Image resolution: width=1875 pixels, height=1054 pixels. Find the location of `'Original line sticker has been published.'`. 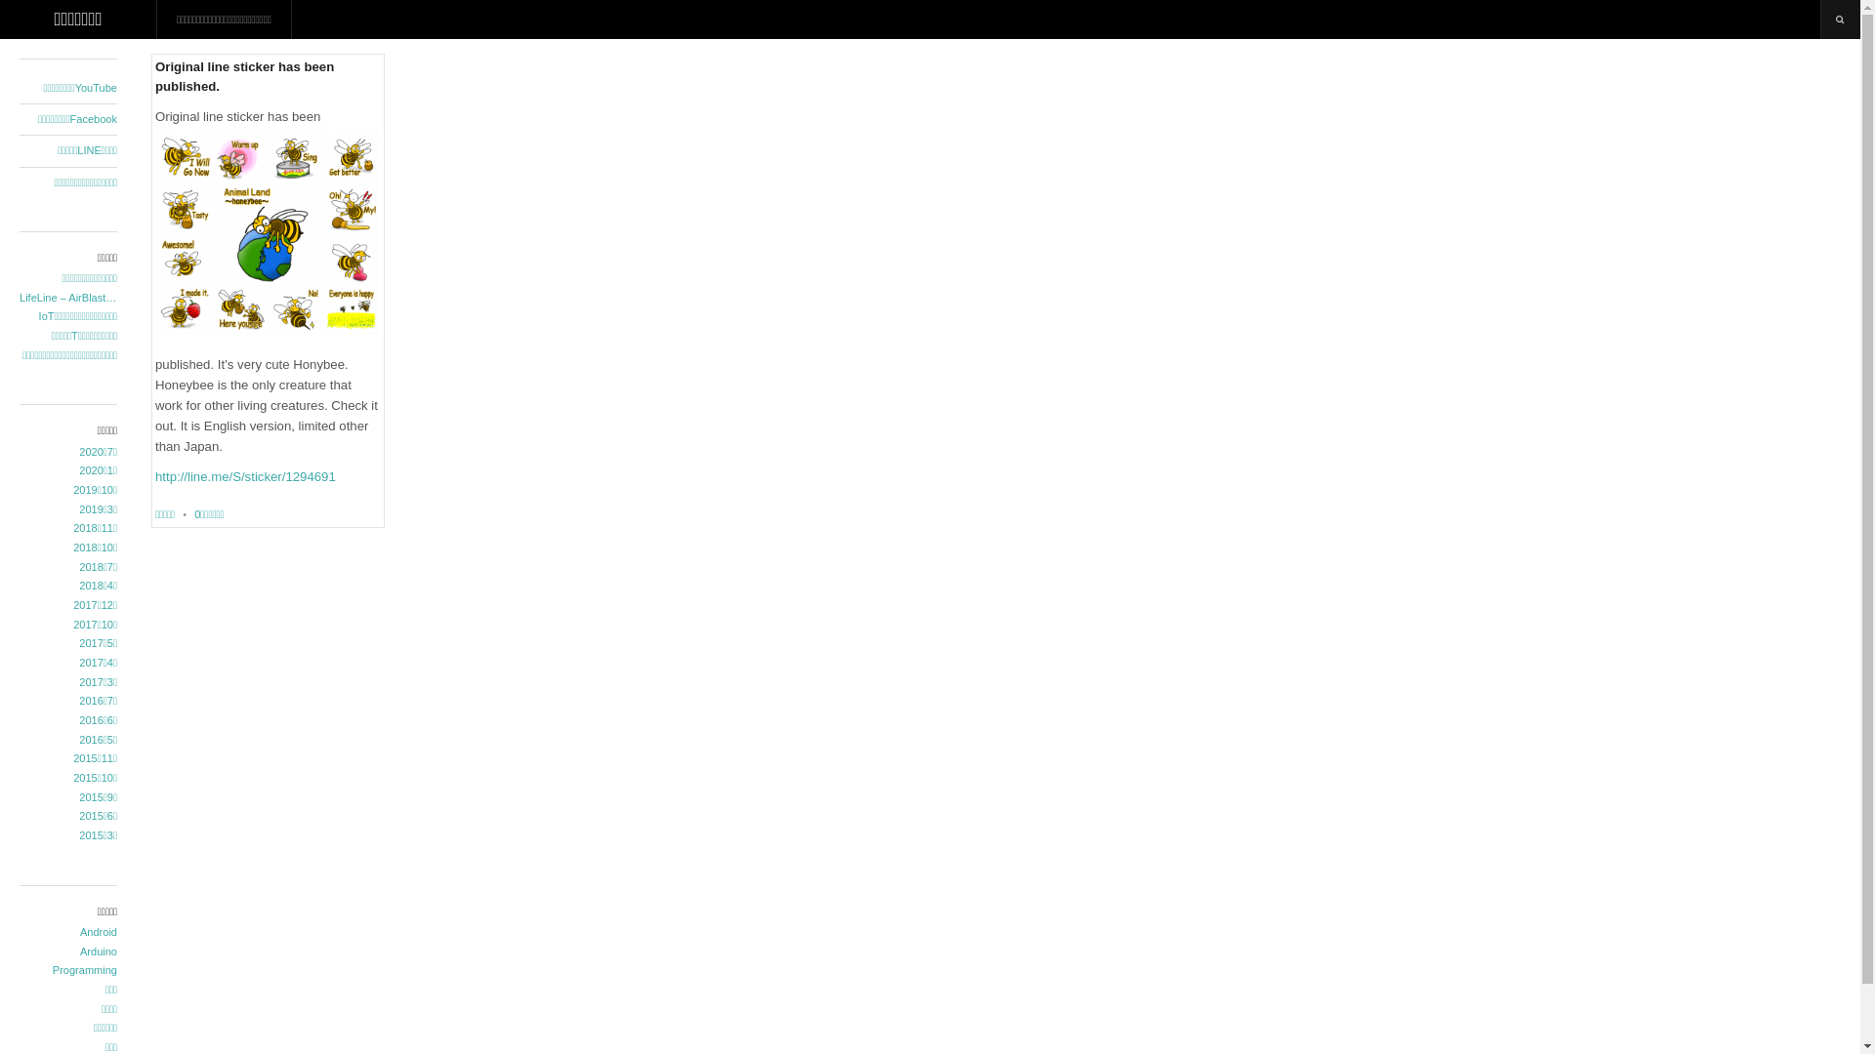

'Original line sticker has been published.' is located at coordinates (243, 75).